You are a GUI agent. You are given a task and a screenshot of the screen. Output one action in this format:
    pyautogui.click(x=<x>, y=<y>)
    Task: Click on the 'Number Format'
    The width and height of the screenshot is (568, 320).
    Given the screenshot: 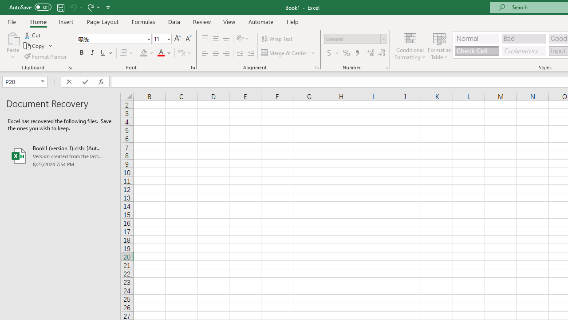 What is the action you would take?
    pyautogui.click(x=355, y=38)
    